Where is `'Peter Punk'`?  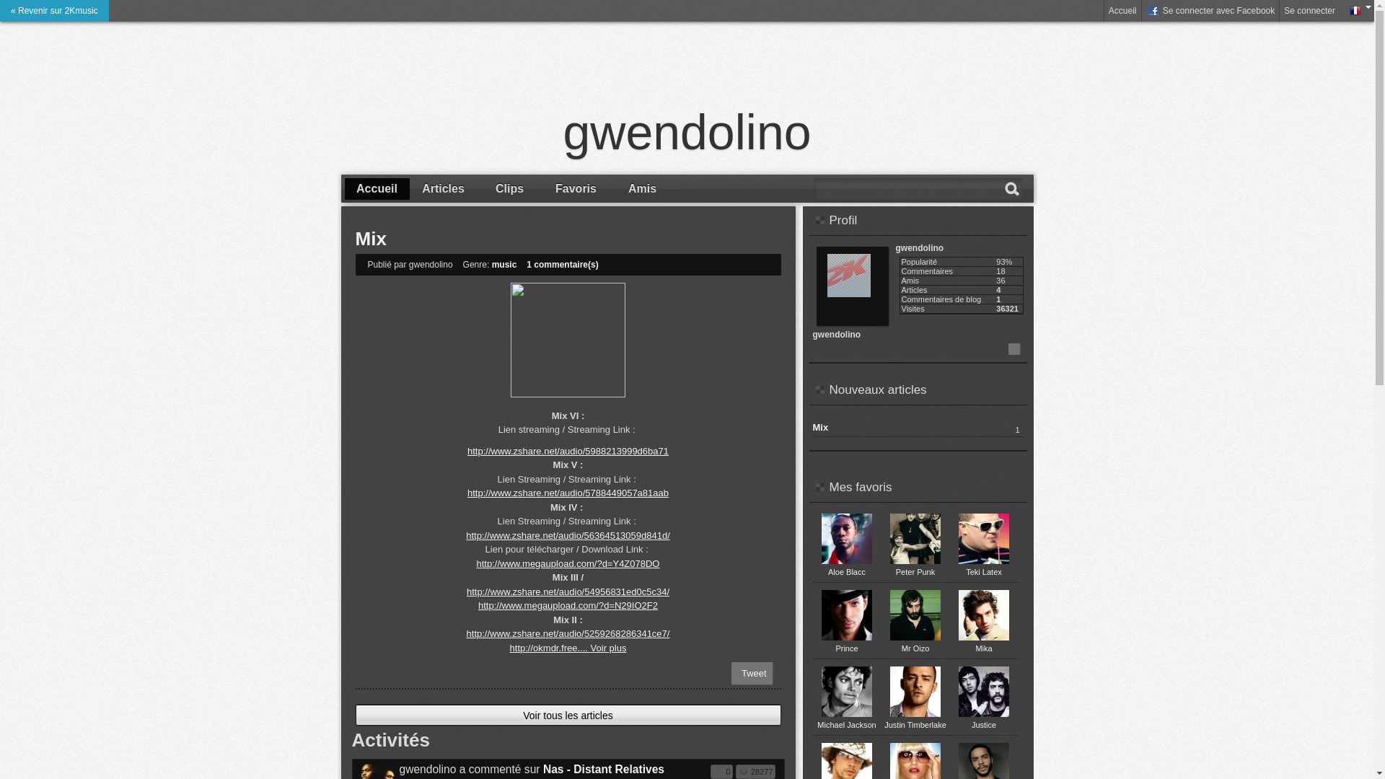 'Peter Punk' is located at coordinates (914, 571).